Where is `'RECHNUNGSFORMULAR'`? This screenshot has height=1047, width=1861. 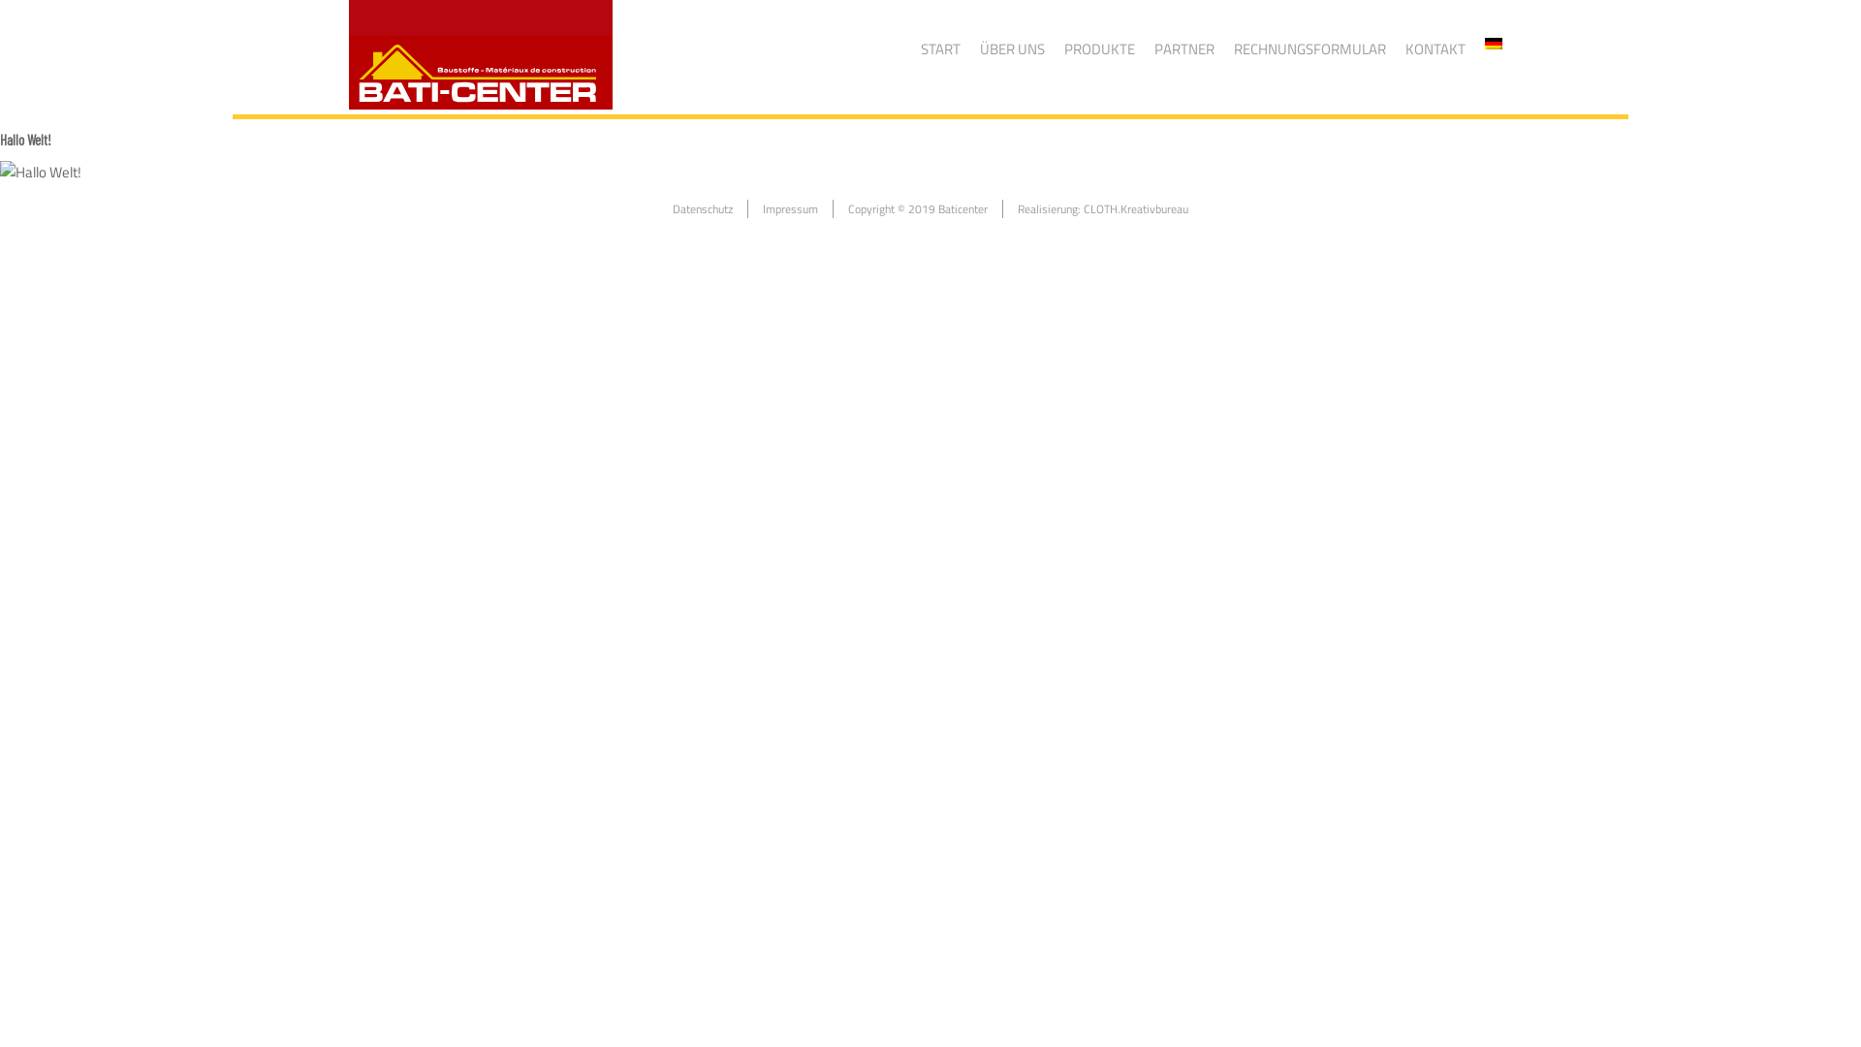
'RECHNUNGSFORMULAR' is located at coordinates (1309, 47).